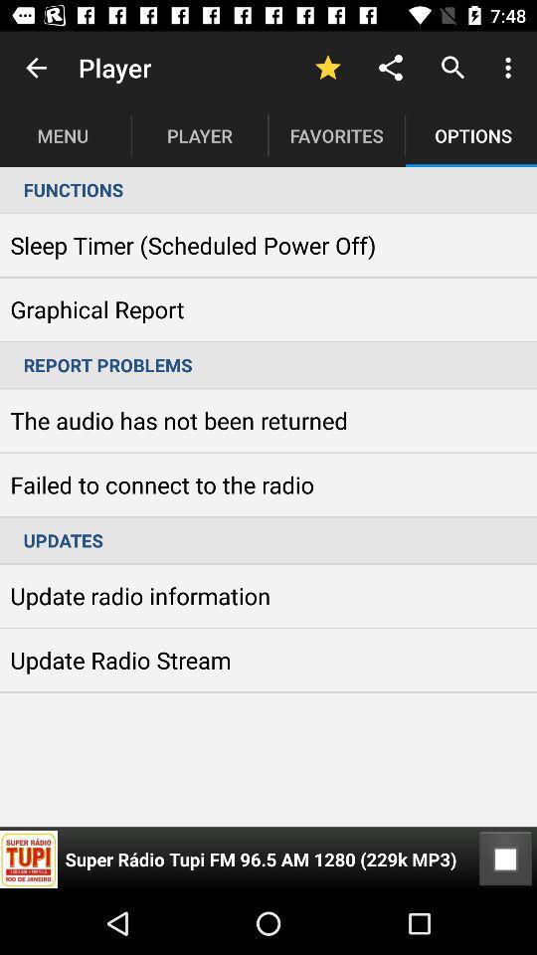 The image size is (537, 955). Describe the element at coordinates (36, 68) in the screenshot. I see `icon above the menu` at that location.